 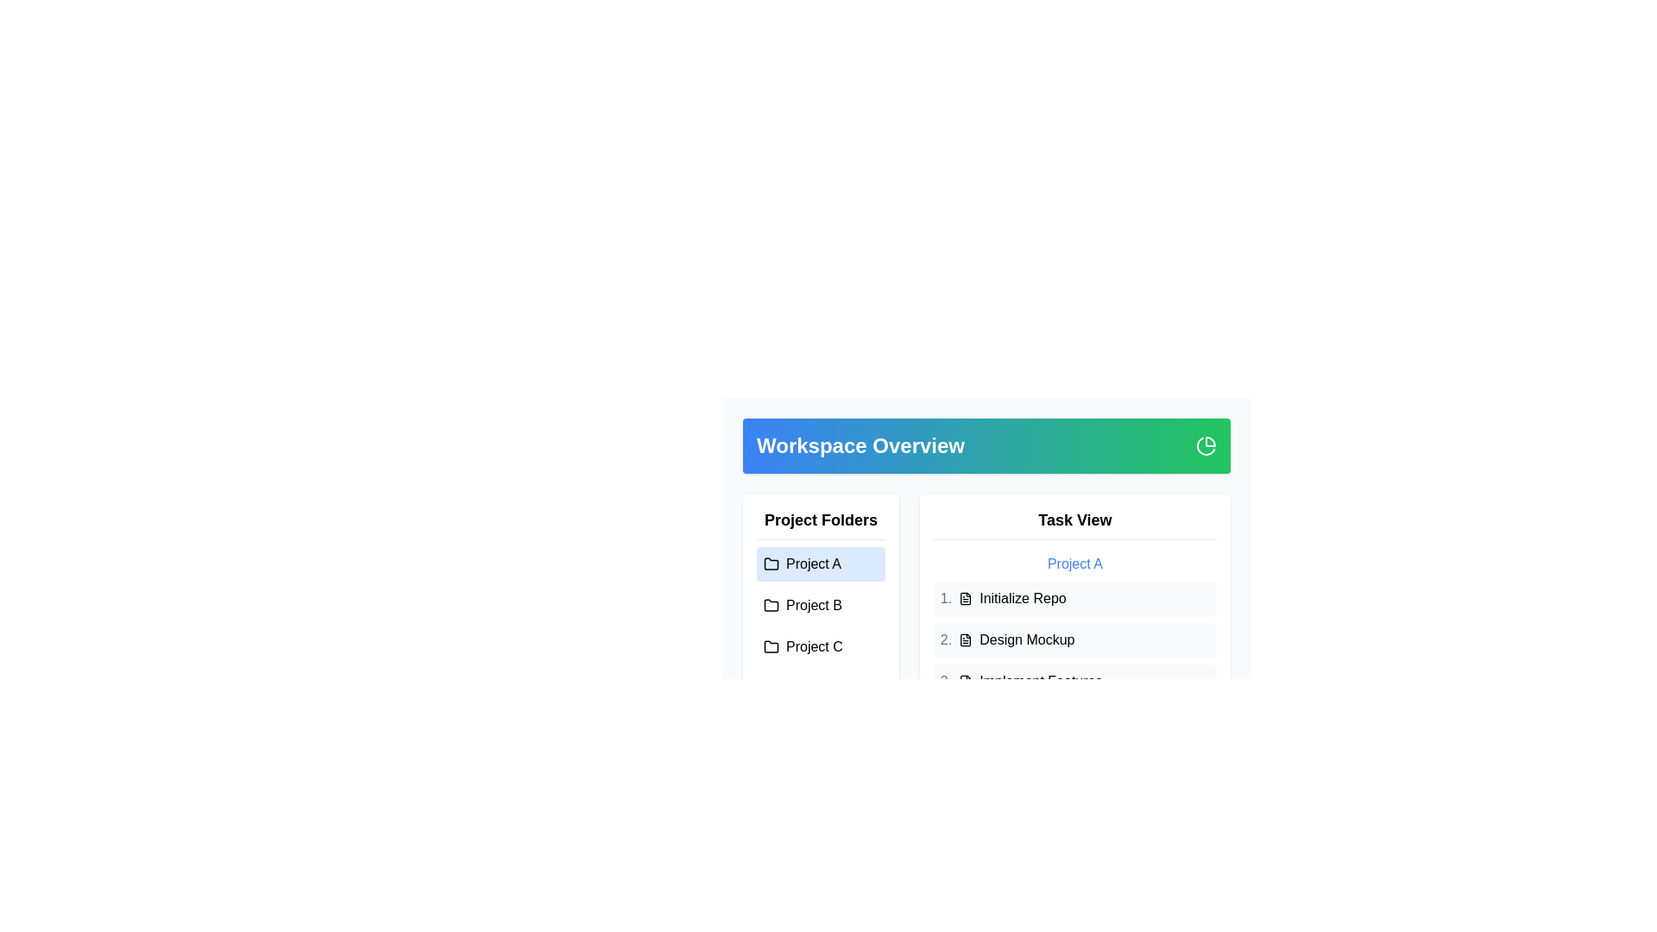 What do you see at coordinates (986, 527) in the screenshot?
I see `individual items within the white panel containing sections like 'Workspace Overview' and 'Task View', which is centrally located at the coordinates provided` at bounding box center [986, 527].